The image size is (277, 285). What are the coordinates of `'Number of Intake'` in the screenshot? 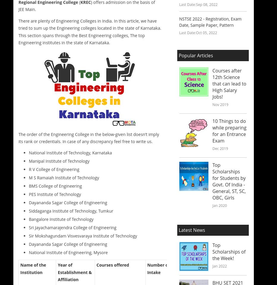 It's located at (158, 268).